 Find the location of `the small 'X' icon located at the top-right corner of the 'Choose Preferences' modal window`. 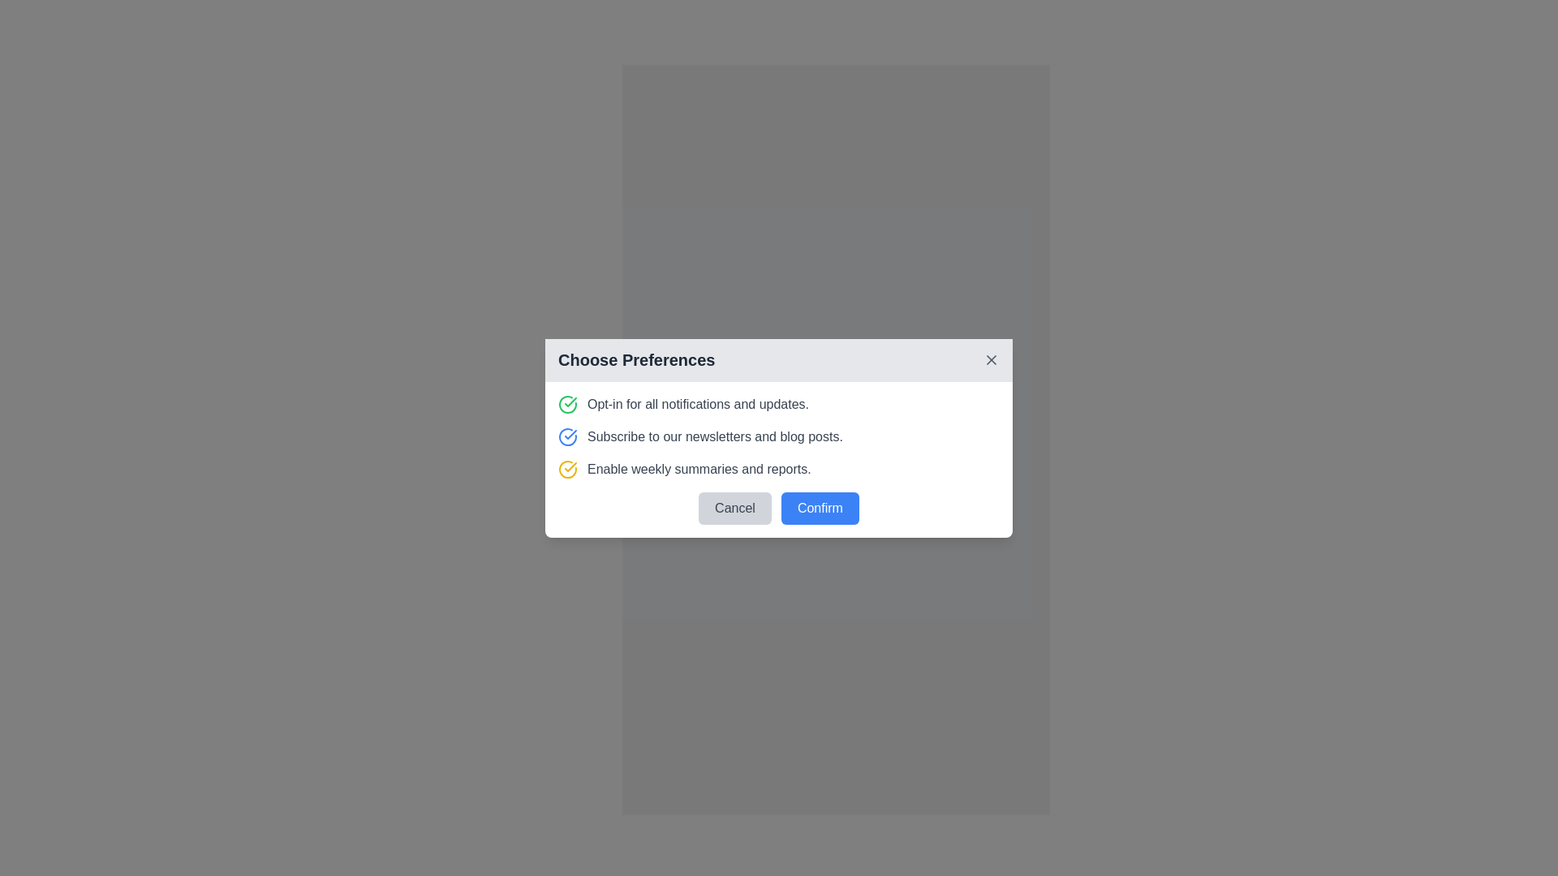

the small 'X' icon located at the top-right corner of the 'Choose Preferences' modal window is located at coordinates (991, 359).